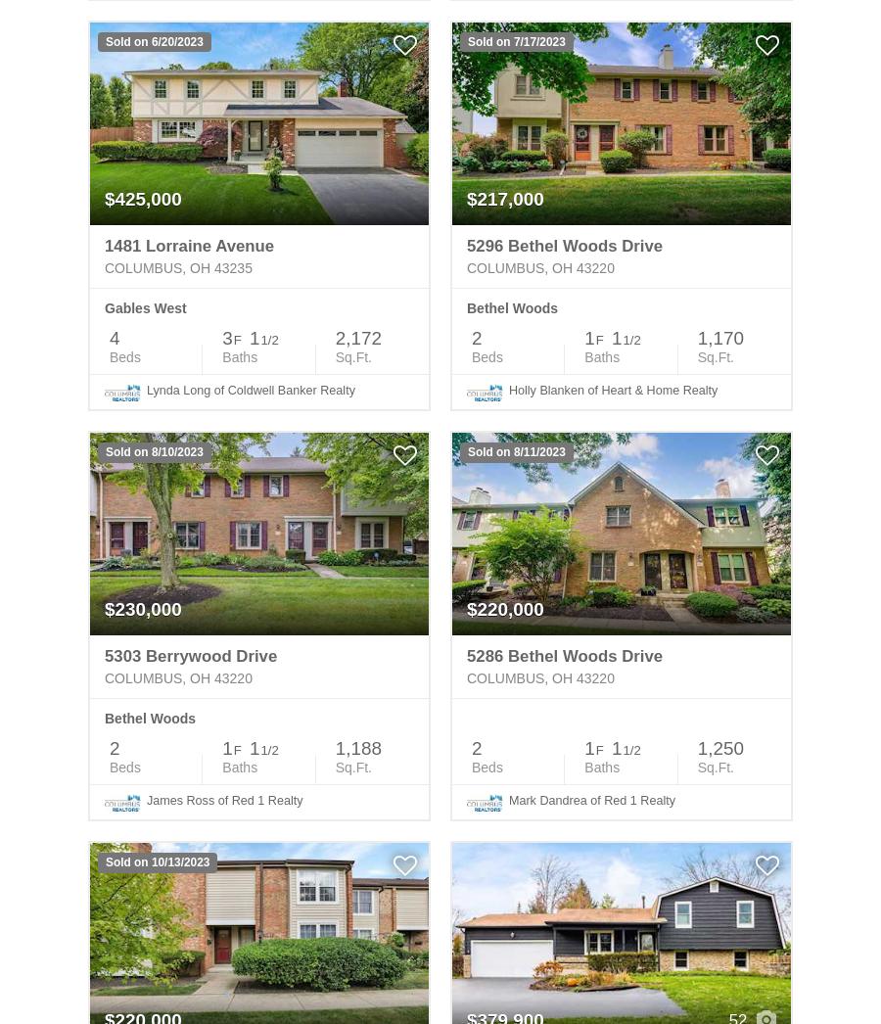  What do you see at coordinates (591, 800) in the screenshot?
I see `'Mark Dandrea of Red 1 Realty'` at bounding box center [591, 800].